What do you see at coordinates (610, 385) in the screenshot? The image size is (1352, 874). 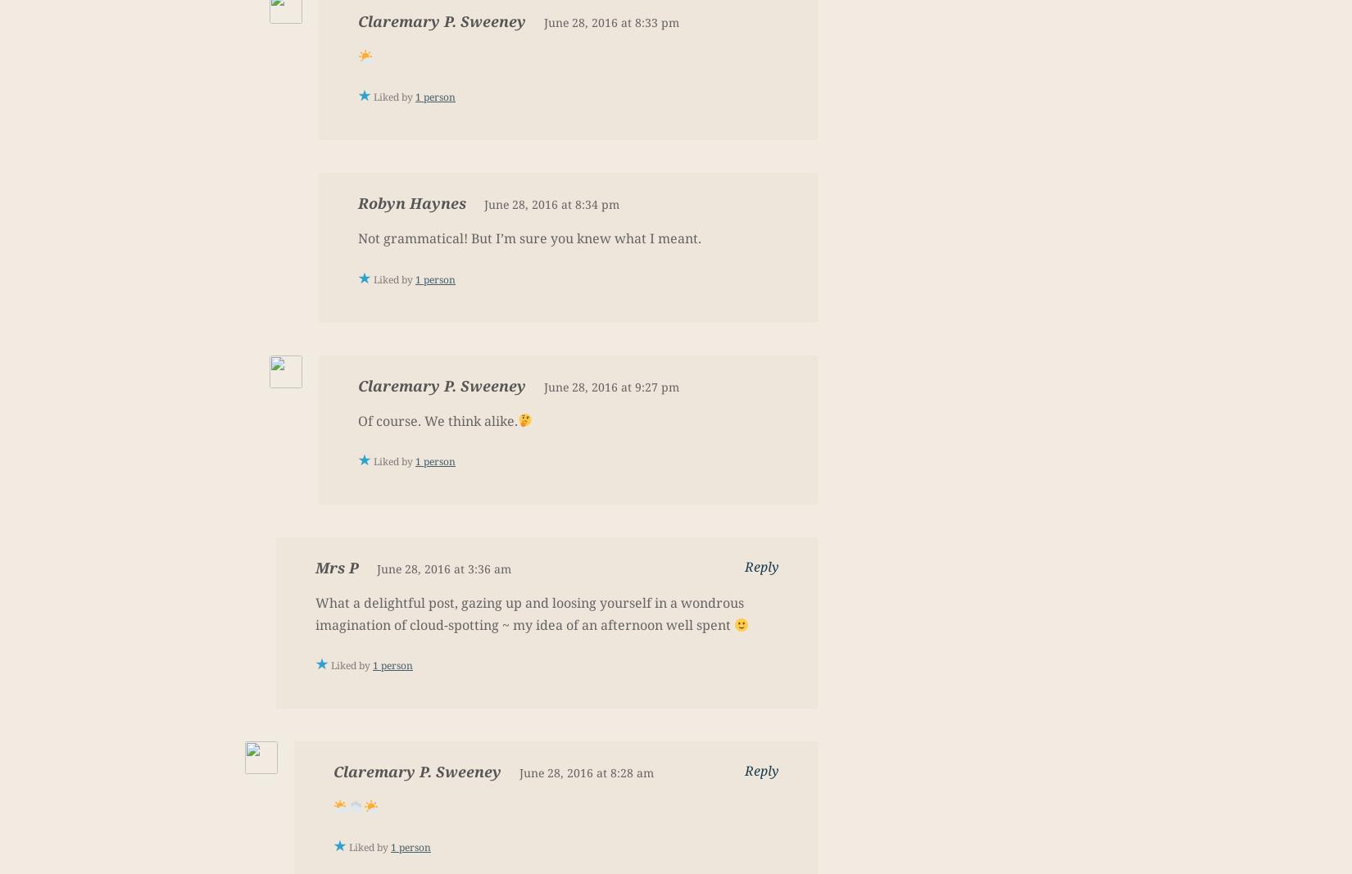 I see `'June 28, 2016 at 9:27 pm'` at bounding box center [610, 385].